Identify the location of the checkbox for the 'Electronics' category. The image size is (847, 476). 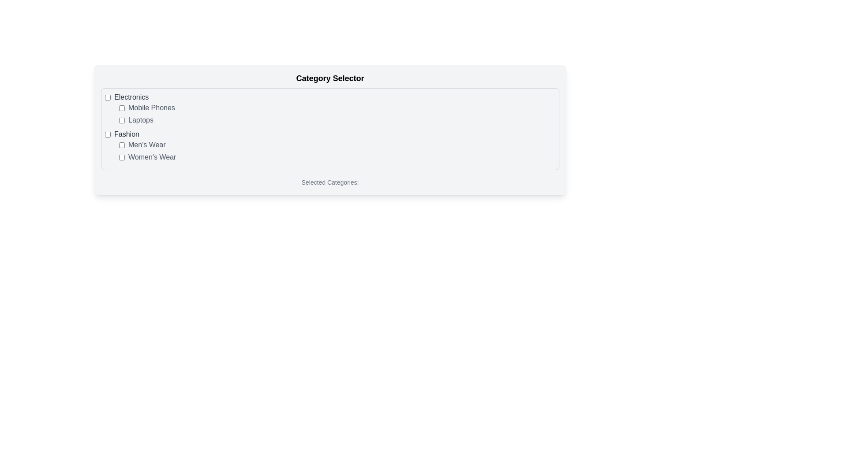
(107, 97).